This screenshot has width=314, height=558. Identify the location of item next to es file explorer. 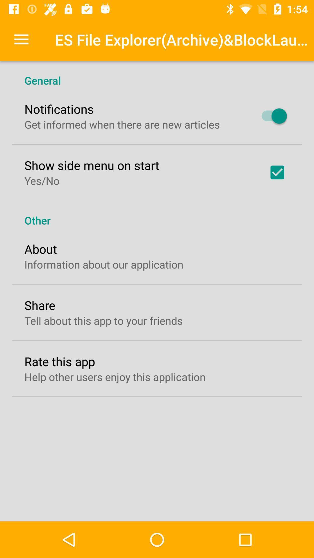
(21, 39).